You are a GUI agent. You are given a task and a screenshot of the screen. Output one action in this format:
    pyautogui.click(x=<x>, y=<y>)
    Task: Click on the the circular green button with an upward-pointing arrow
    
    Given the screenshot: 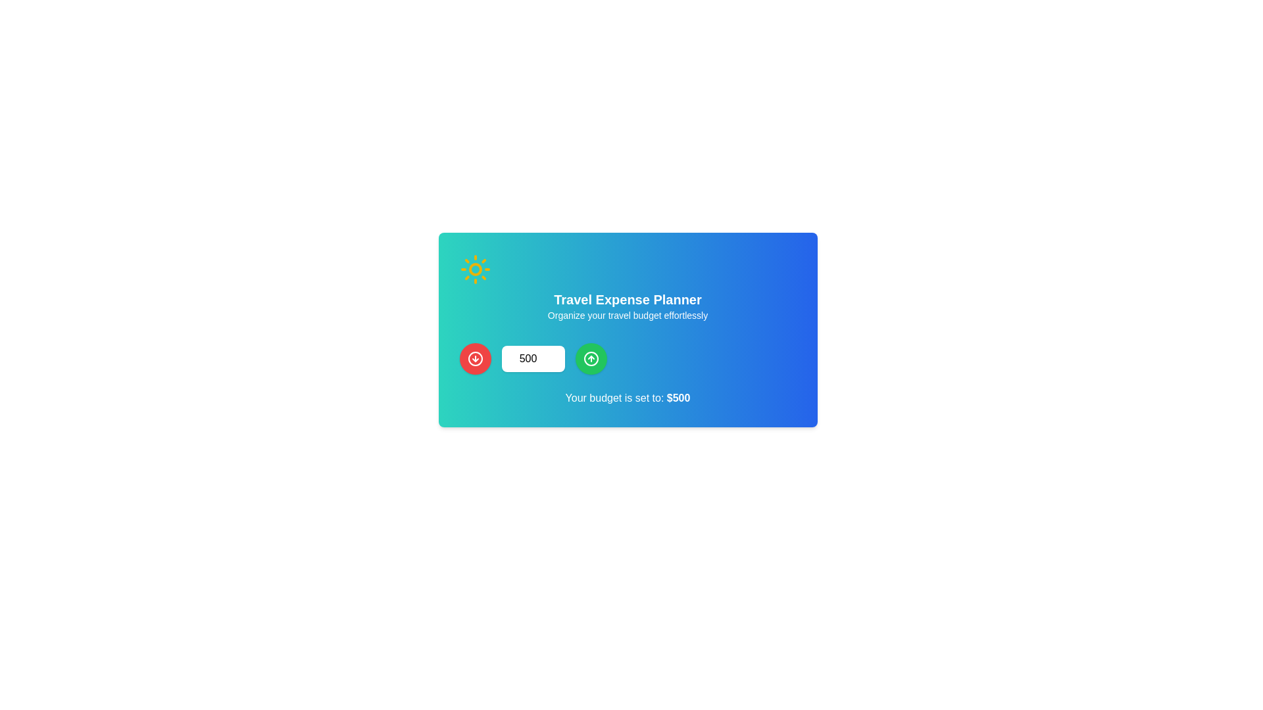 What is the action you would take?
    pyautogui.click(x=590, y=359)
    